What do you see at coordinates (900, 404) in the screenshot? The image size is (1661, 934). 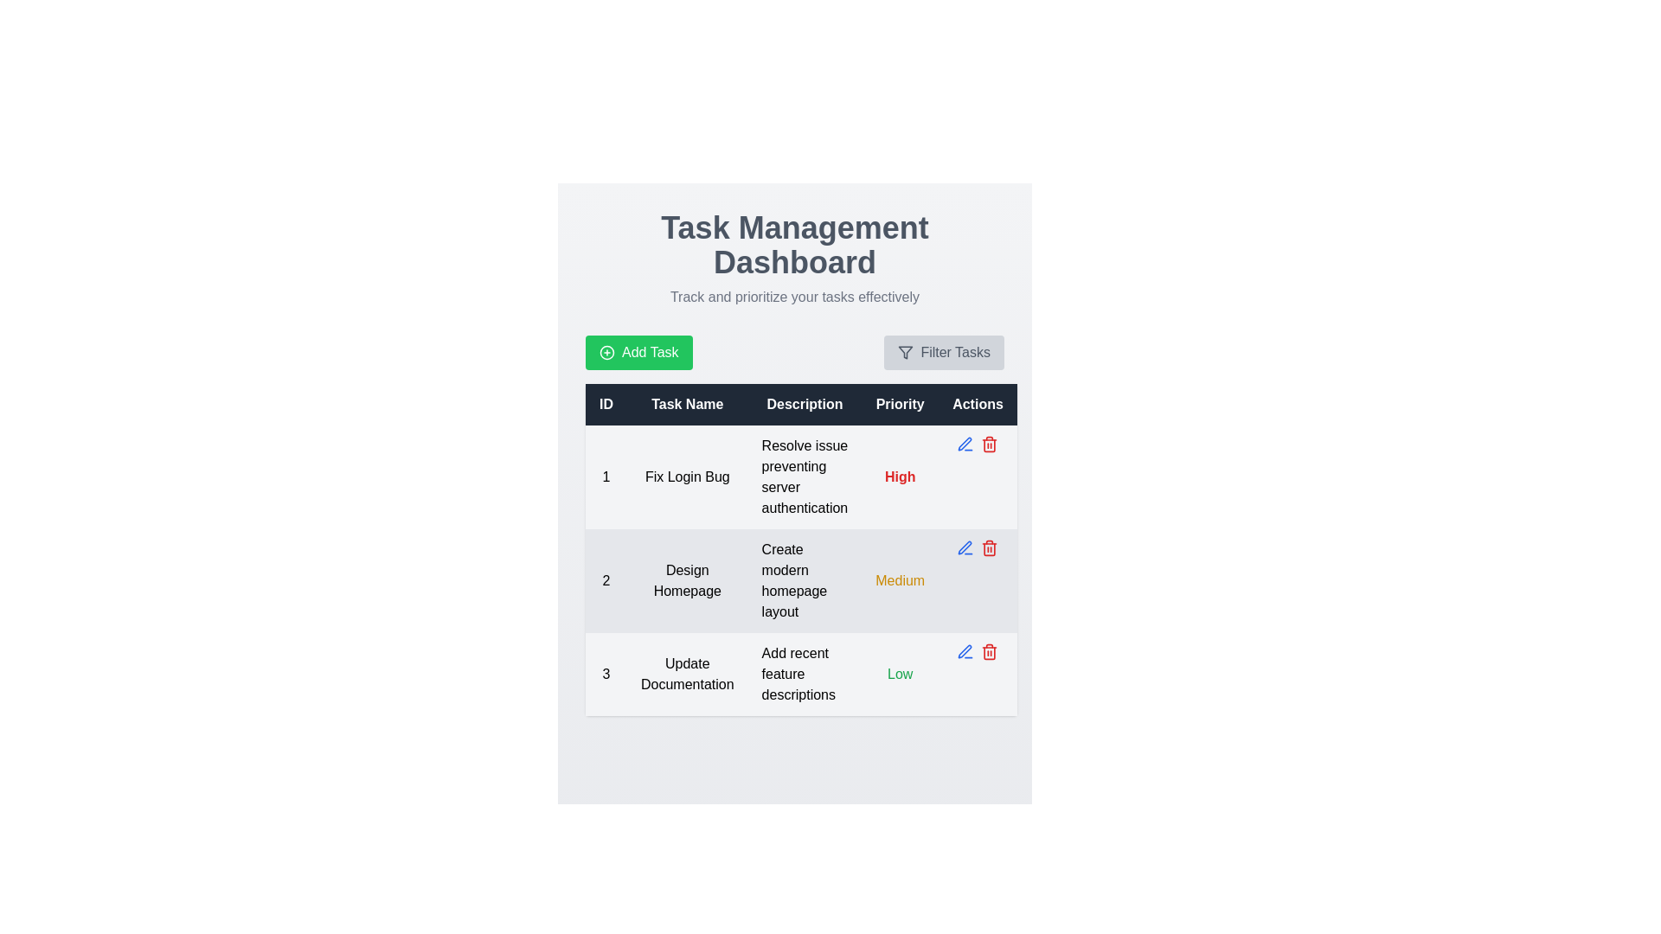 I see `the 'Priority' header label, which is the fourth element in the header row of the table, positioned between 'Description' and 'Actions'` at bounding box center [900, 404].